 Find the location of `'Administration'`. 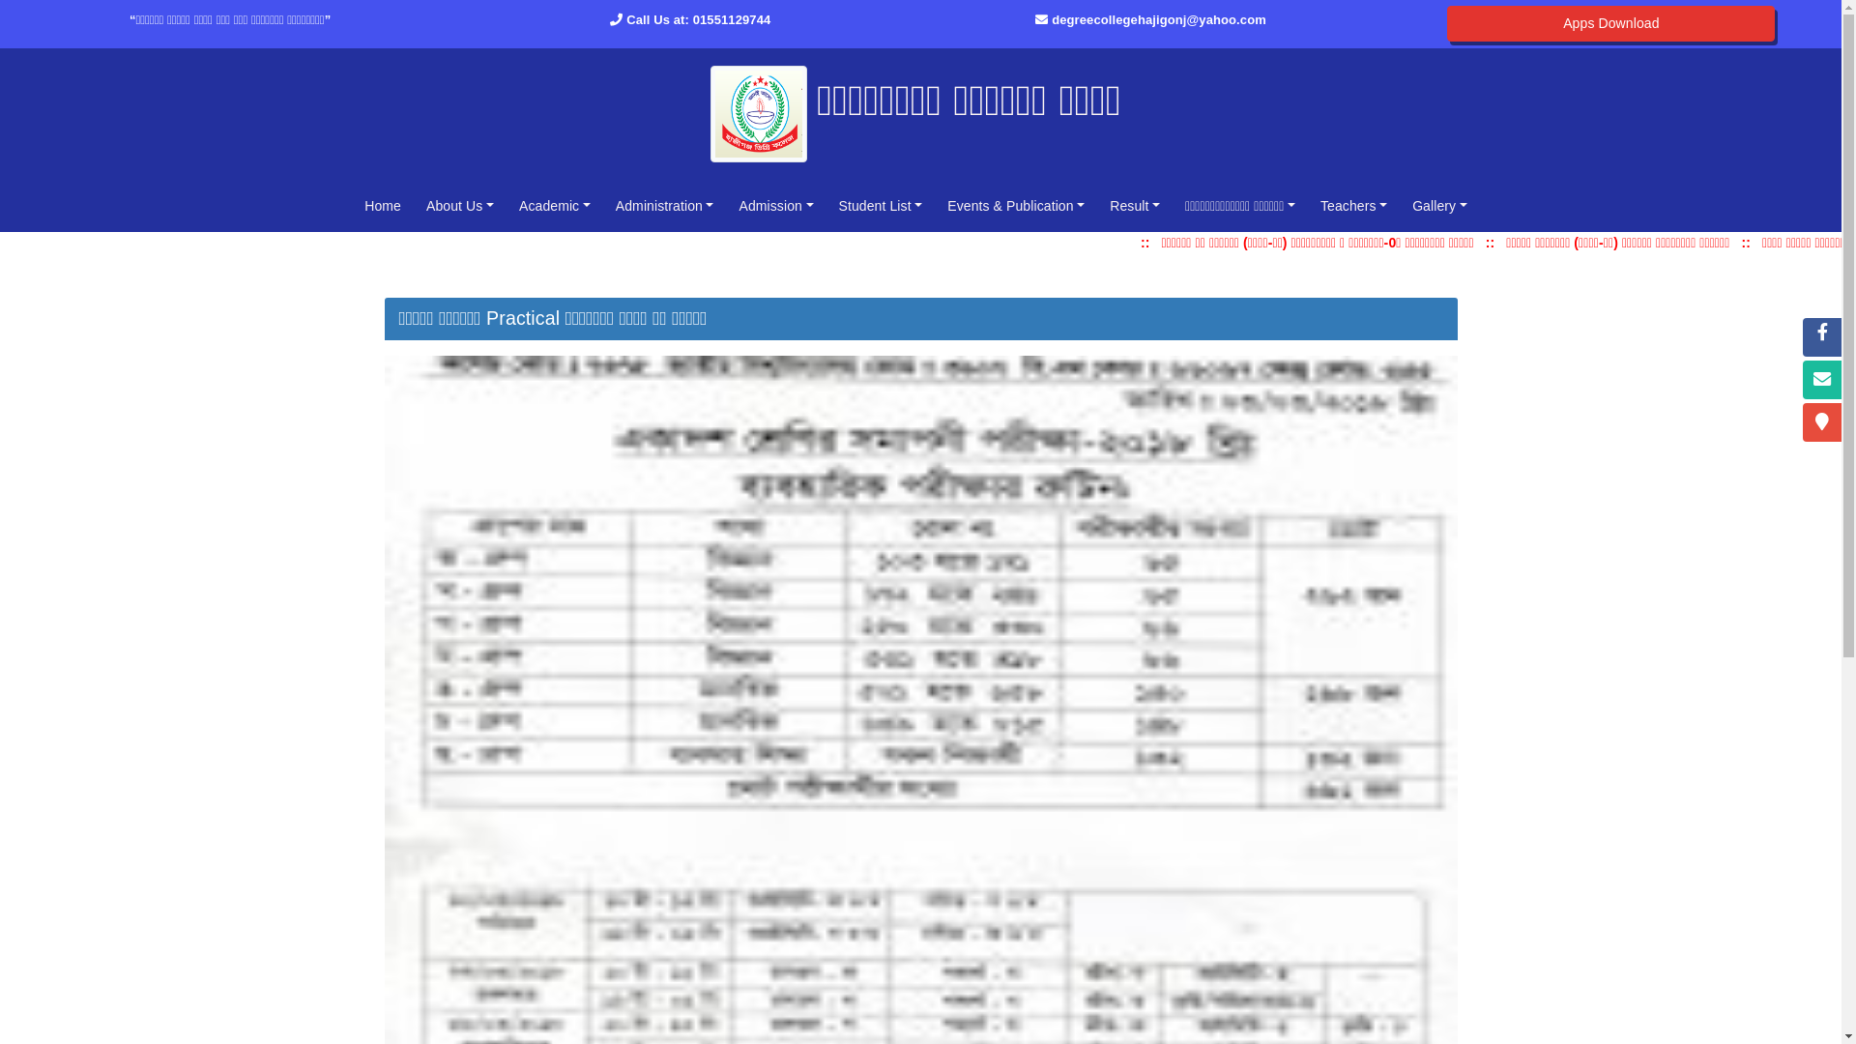

'Administration' is located at coordinates (606, 205).